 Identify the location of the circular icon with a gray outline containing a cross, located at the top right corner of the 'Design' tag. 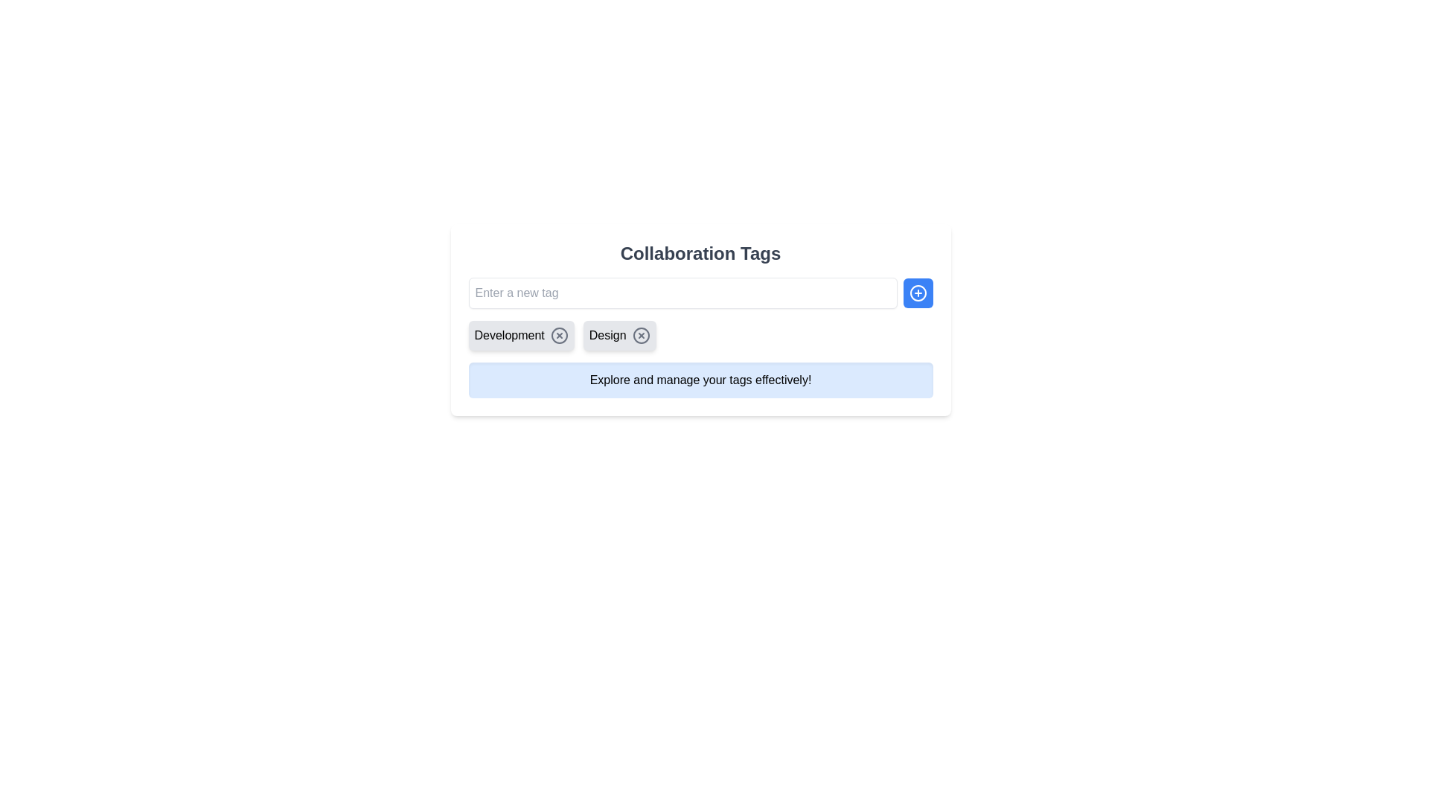
(641, 336).